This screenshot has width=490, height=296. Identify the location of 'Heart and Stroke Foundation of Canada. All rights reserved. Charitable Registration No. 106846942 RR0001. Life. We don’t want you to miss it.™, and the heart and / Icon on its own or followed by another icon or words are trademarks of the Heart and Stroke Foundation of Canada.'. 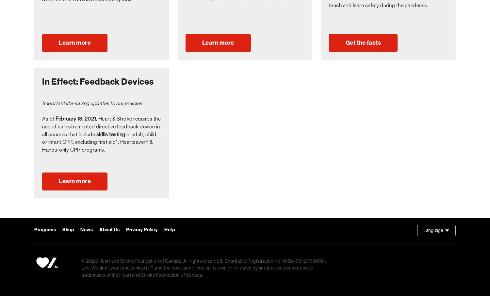
(203, 267).